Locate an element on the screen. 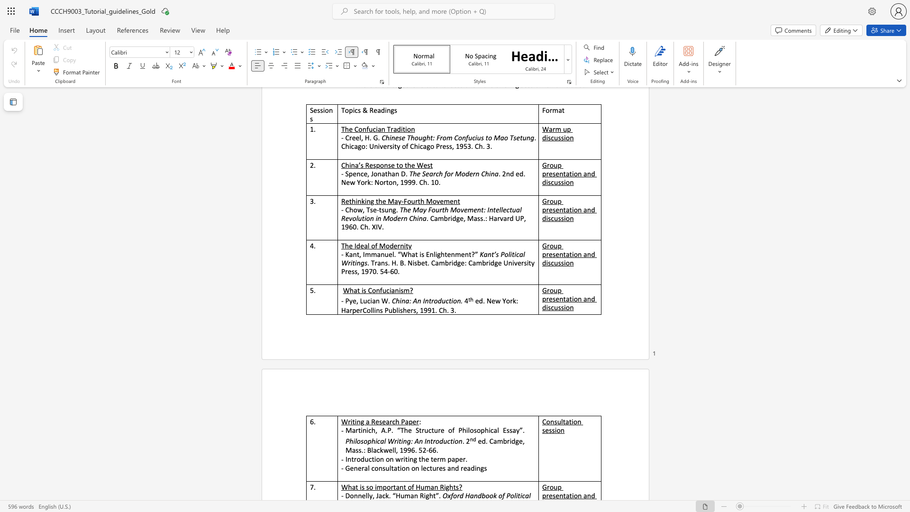 Image resolution: width=910 pixels, height=512 pixels. the subset text "rd Handbook o" within the text "Oxford Handbook of Political" is located at coordinates (457, 495).